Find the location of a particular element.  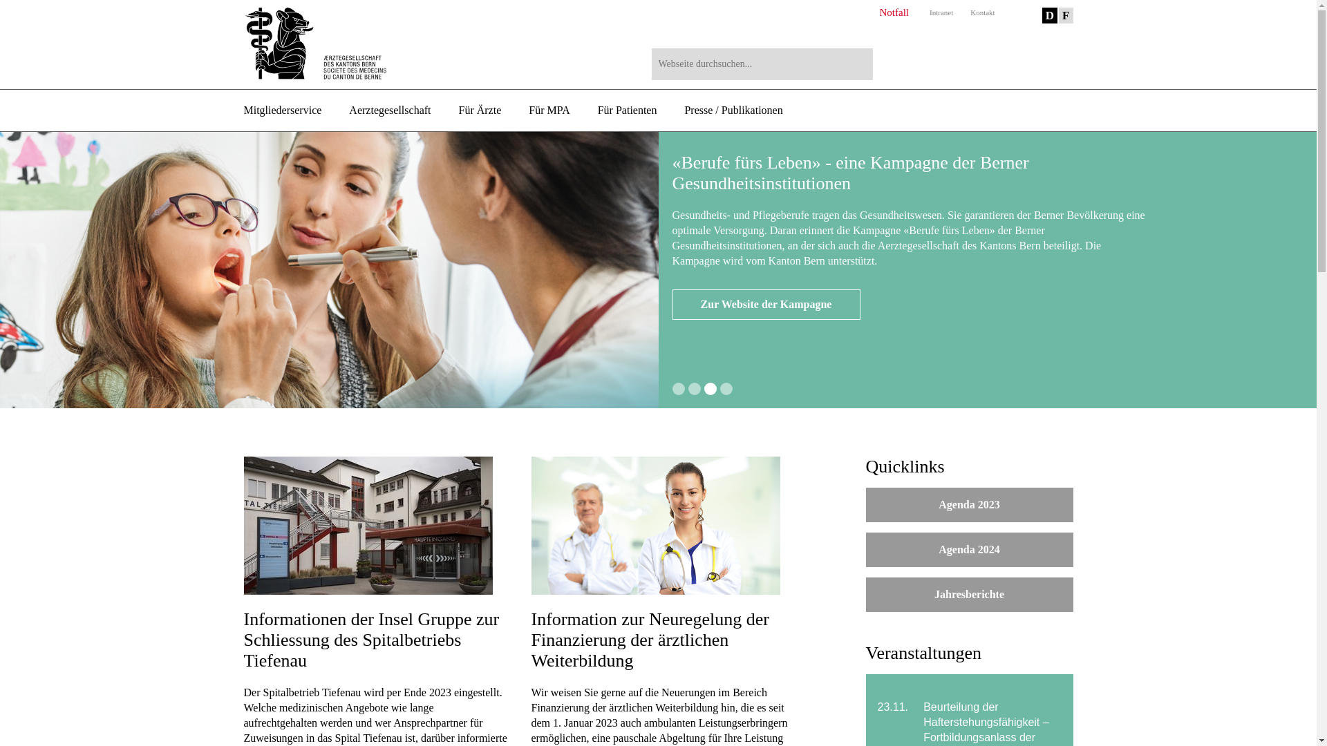

'Agenda 2024' is located at coordinates (968, 548).